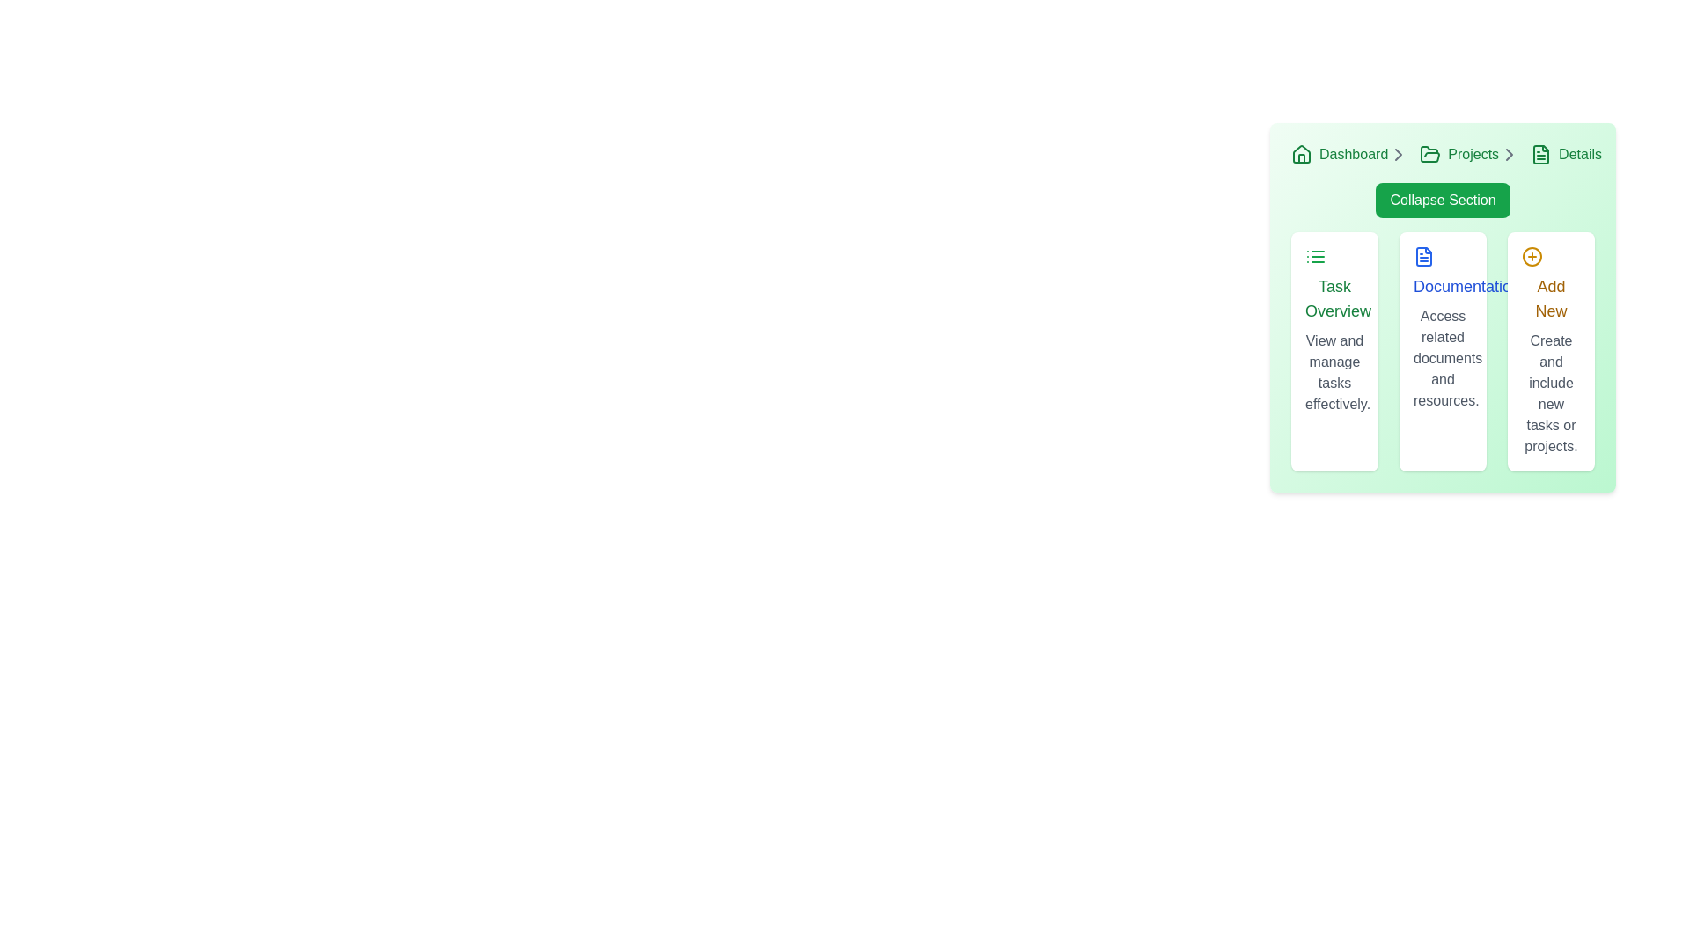  I want to click on the text label 'Documentation' styled in bold blue font located in the second column of a three-column layout inside a green card section, so click(1443, 286).